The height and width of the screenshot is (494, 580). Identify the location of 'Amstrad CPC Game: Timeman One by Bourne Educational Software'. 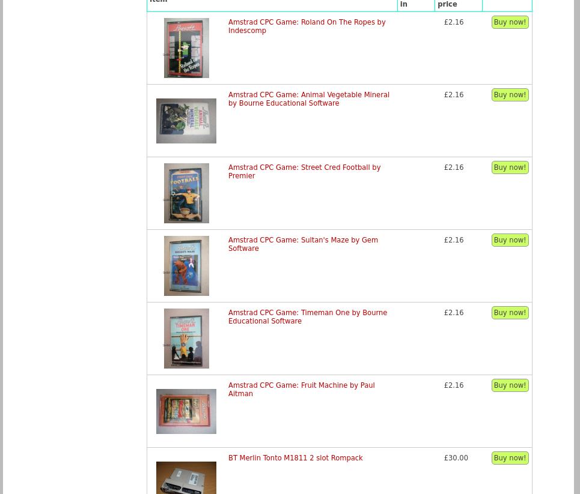
(308, 316).